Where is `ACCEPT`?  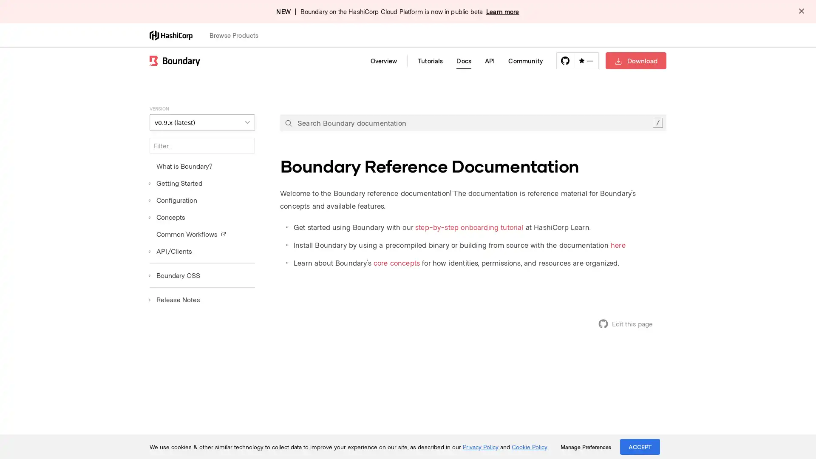
ACCEPT is located at coordinates (640, 446).